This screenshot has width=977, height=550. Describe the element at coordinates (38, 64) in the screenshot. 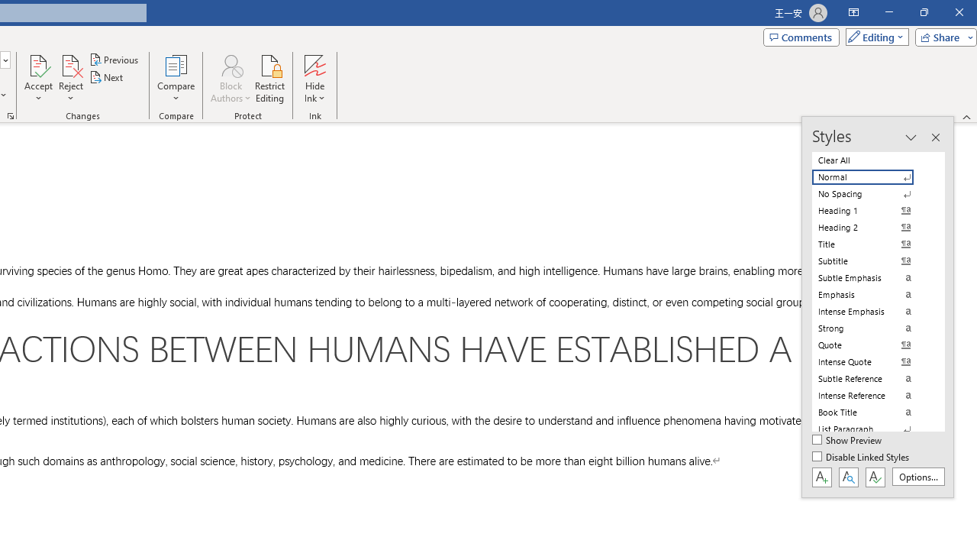

I see `'Accept and Move to Next'` at that location.